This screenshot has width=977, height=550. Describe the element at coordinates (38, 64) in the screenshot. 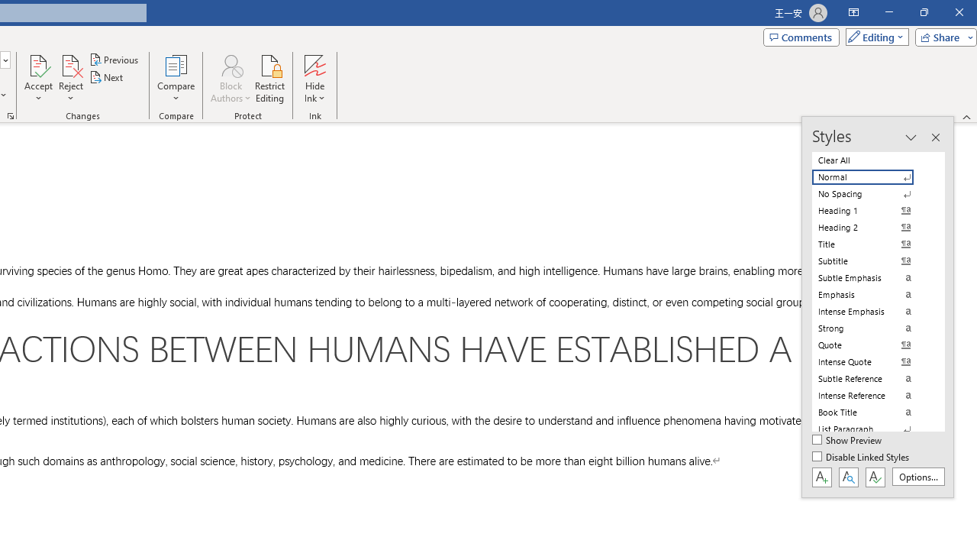

I see `'Accept and Move to Next'` at that location.